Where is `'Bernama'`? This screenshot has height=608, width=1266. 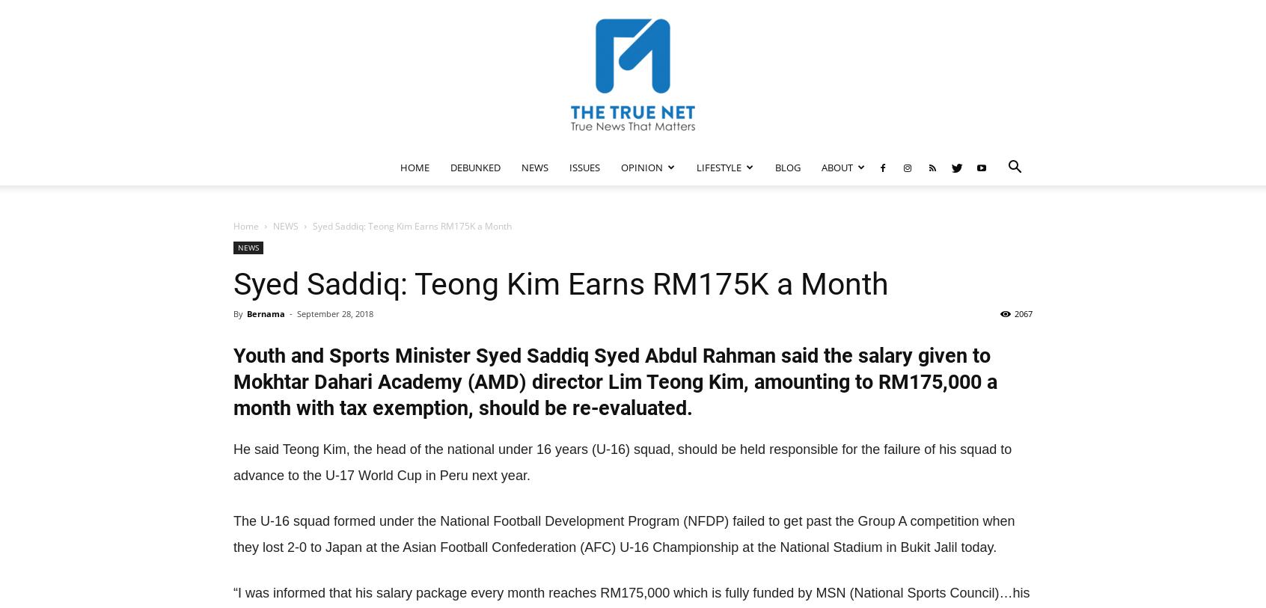
'Bernama' is located at coordinates (266, 313).